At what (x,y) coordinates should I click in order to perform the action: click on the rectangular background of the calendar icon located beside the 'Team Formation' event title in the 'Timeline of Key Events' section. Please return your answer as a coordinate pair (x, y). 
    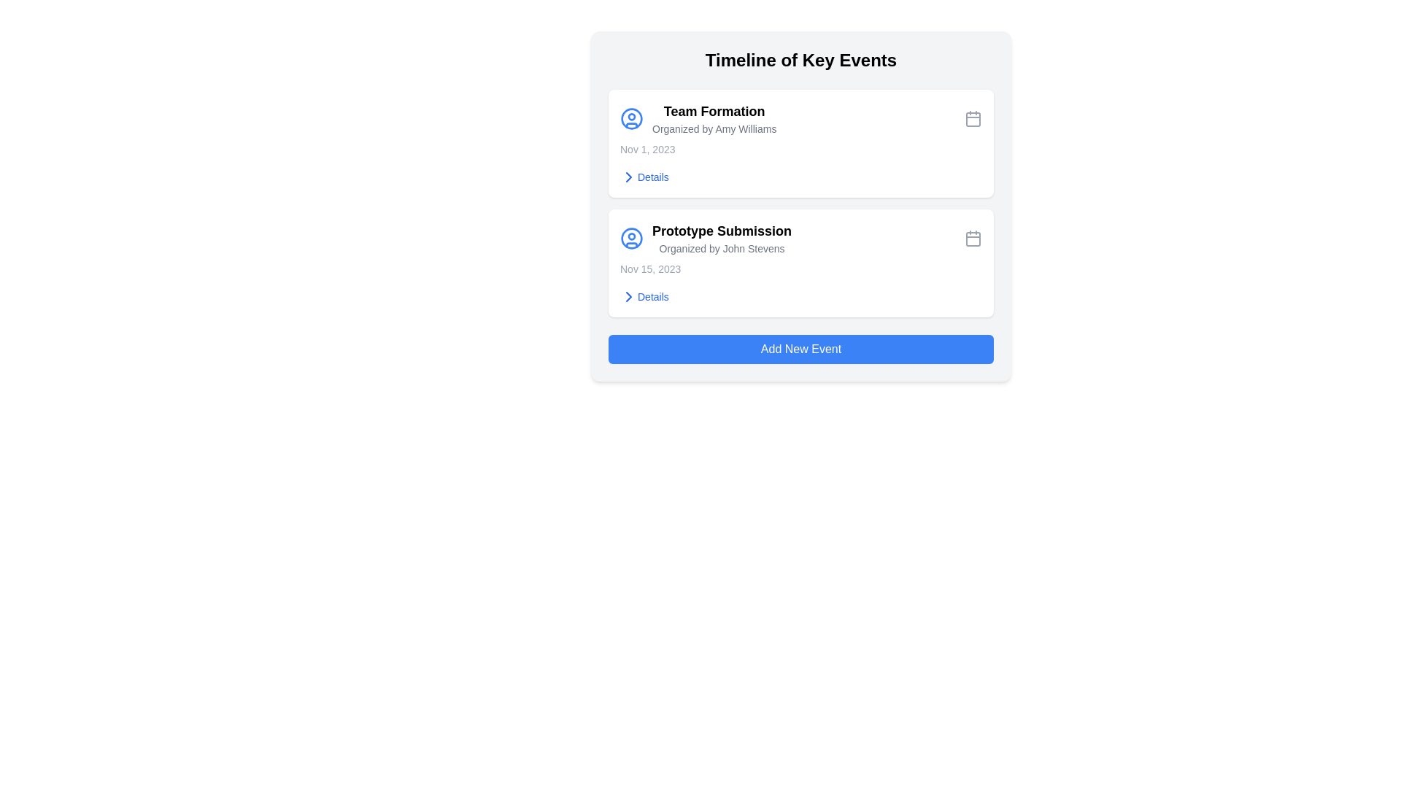
    Looking at the image, I should click on (973, 119).